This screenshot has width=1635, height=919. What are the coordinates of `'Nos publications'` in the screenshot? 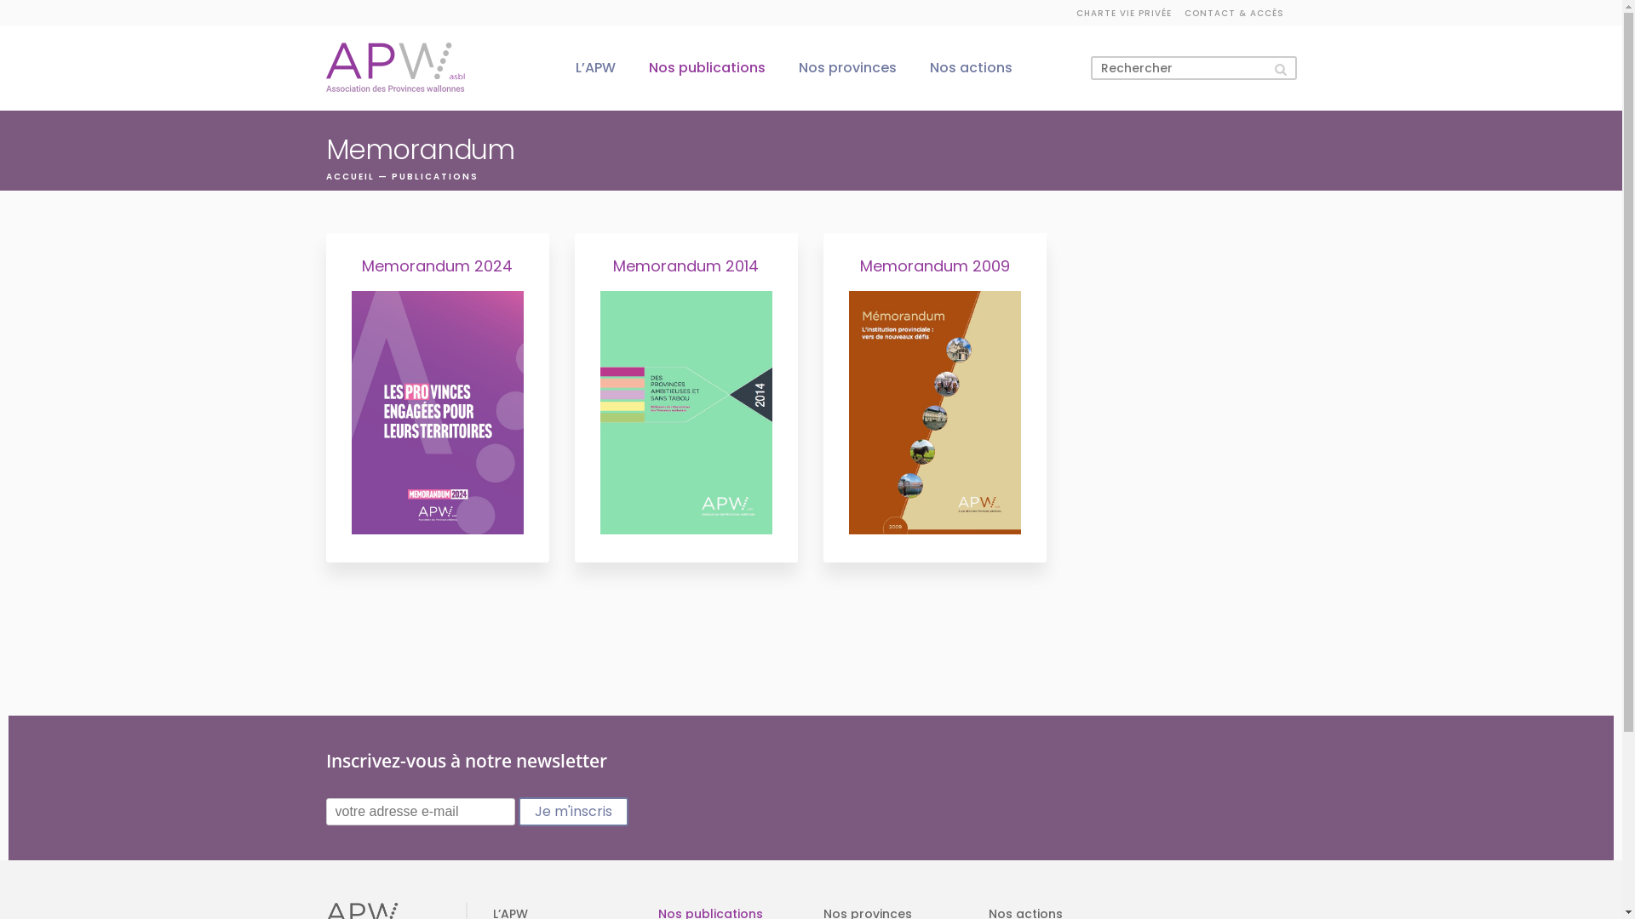 It's located at (707, 66).